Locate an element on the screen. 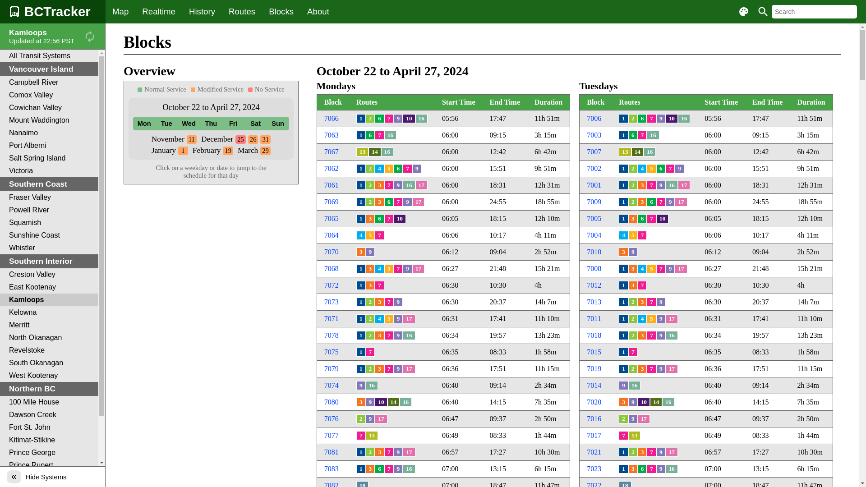 The image size is (866, 487). '1' is located at coordinates (361, 302).